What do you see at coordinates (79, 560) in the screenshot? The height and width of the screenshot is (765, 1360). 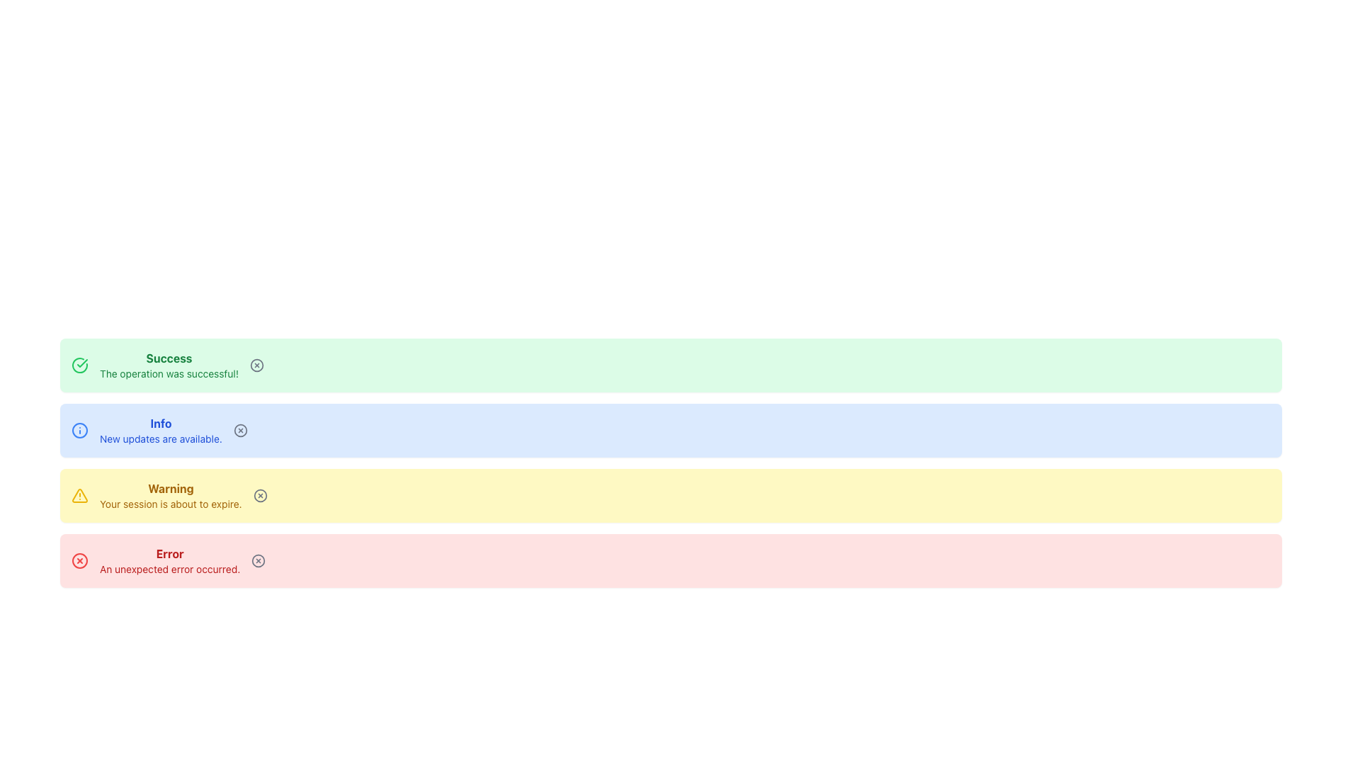 I see `the error icon located on the left side of the notification bar labeled 'Error' at the bottom of the stacked notification bars` at bounding box center [79, 560].